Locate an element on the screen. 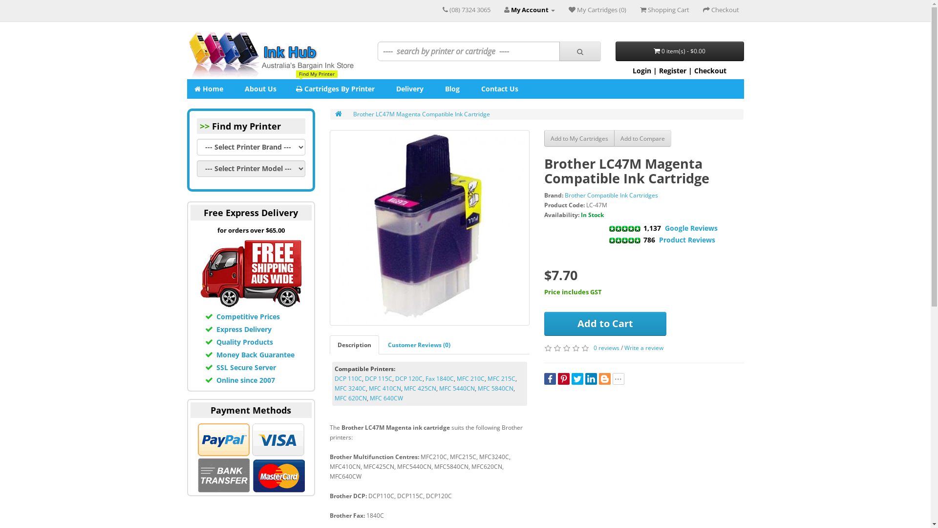 The height and width of the screenshot is (528, 938). 'MFC 425CN' is located at coordinates (420, 388).